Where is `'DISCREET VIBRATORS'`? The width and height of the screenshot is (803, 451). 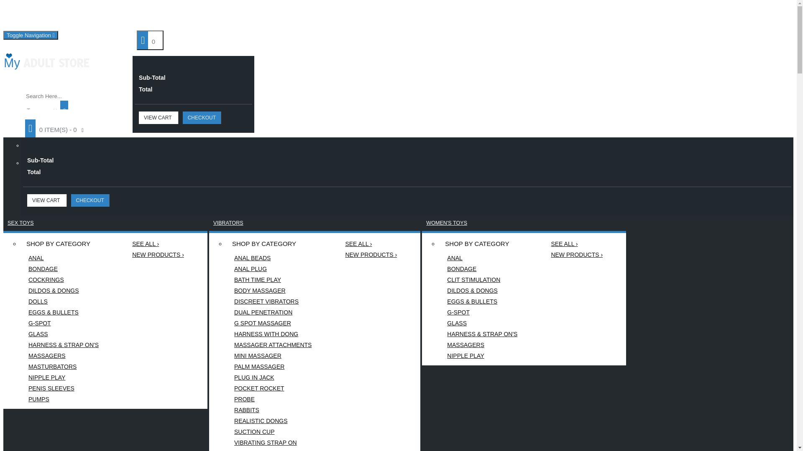 'DISCREET VIBRATORS' is located at coordinates (273, 301).